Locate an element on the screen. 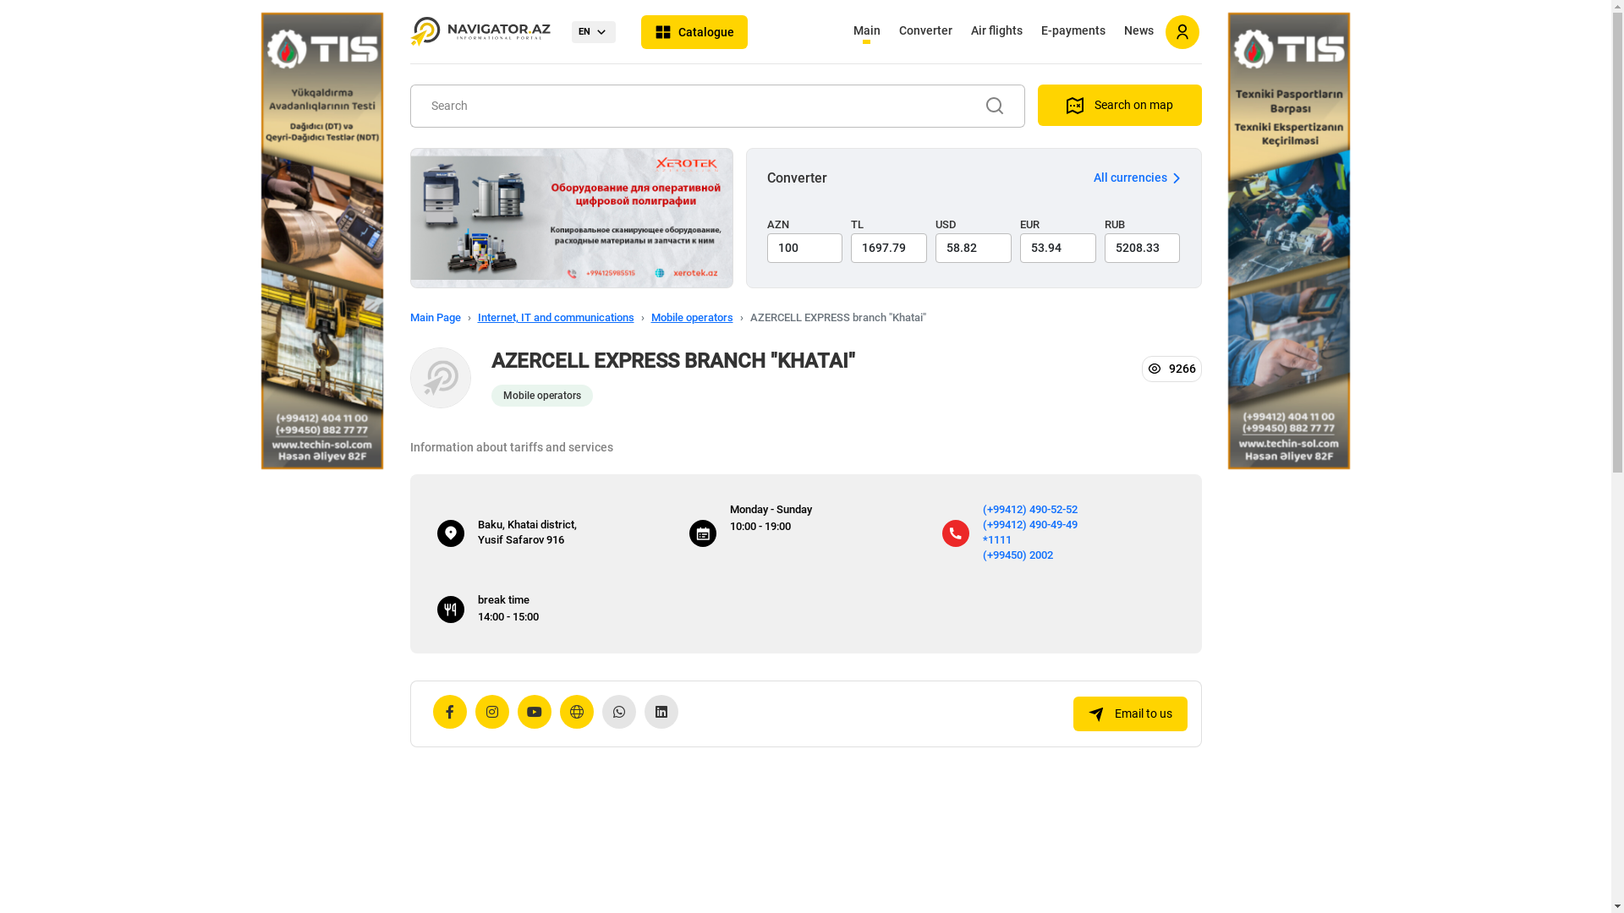 This screenshot has height=913, width=1624. 'Search on map' is located at coordinates (1035, 105).